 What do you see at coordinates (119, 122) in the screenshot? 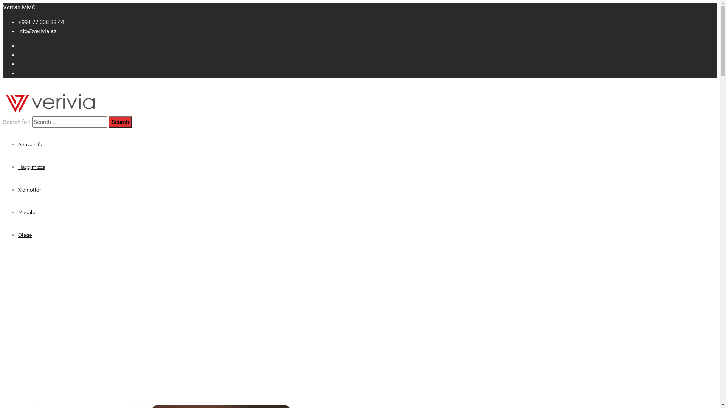
I see `'Search'` at bounding box center [119, 122].